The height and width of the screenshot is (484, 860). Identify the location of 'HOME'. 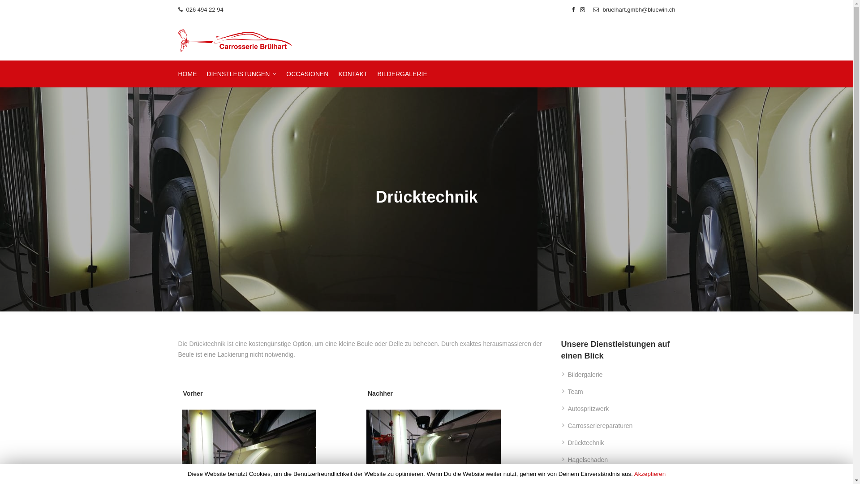
(187, 73).